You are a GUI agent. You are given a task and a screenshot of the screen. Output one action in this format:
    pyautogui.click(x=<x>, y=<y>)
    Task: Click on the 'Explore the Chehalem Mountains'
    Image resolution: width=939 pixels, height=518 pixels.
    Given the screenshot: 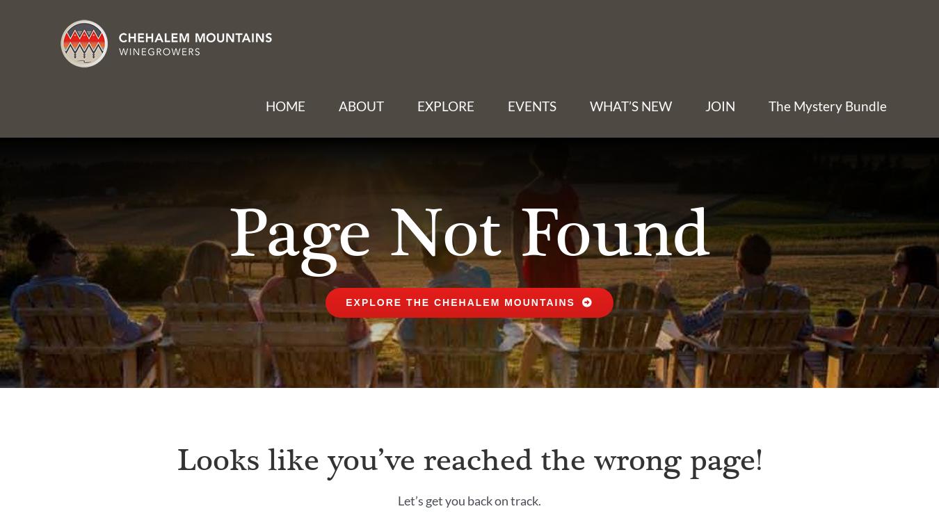 What is the action you would take?
    pyautogui.click(x=344, y=302)
    